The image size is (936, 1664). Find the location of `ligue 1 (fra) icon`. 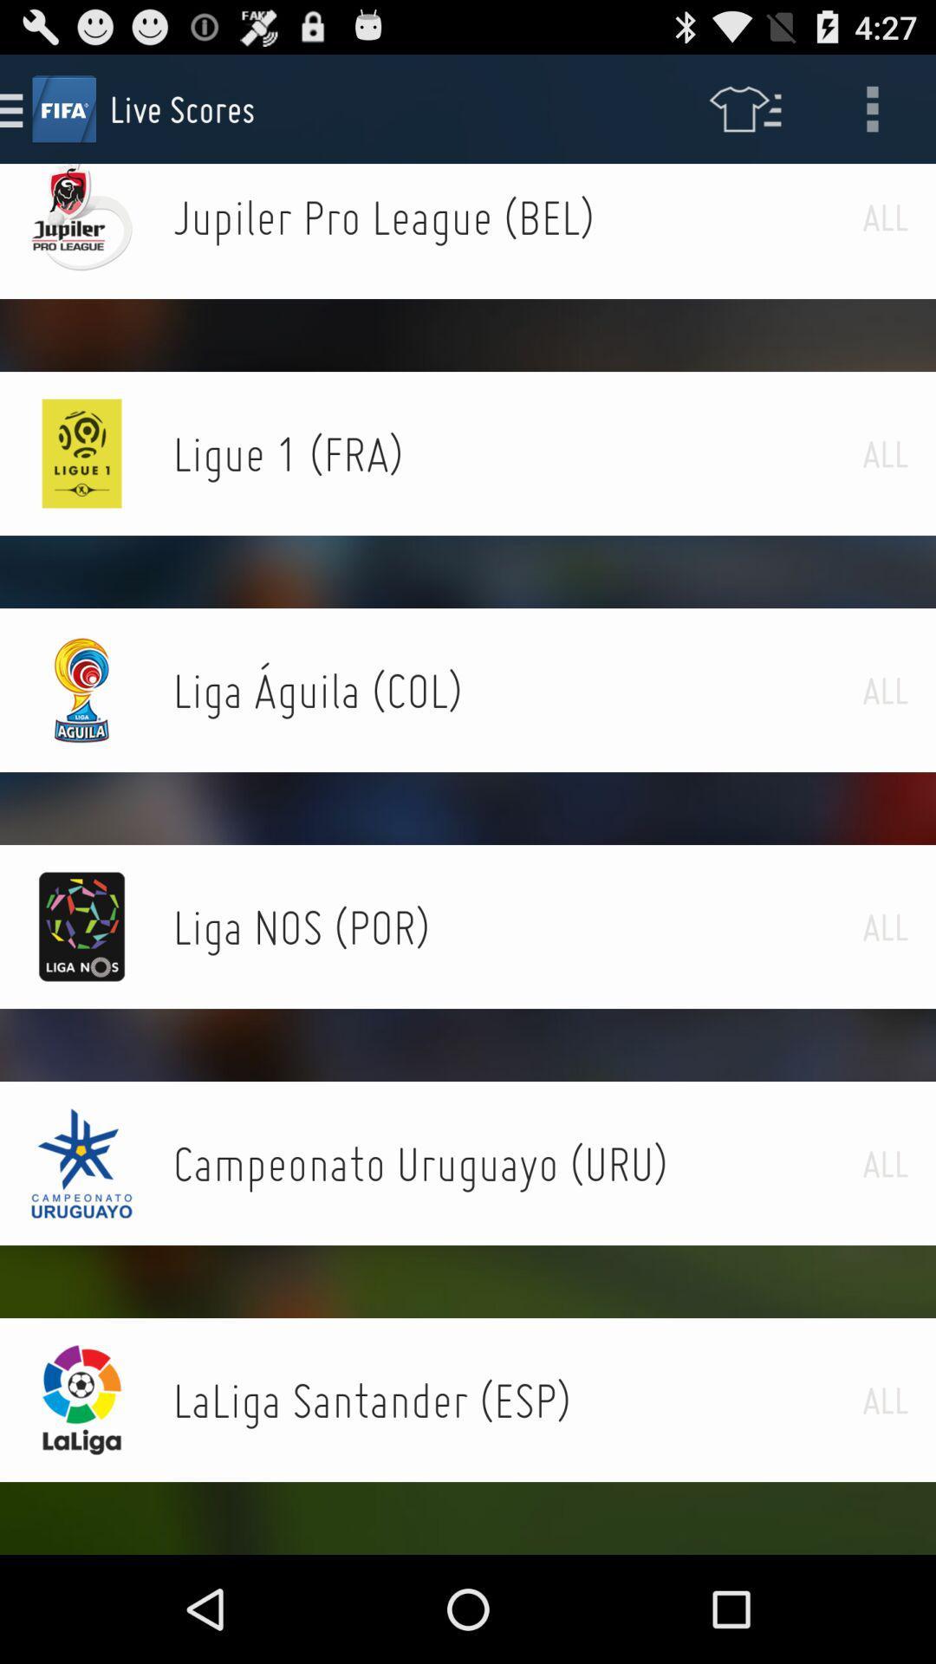

ligue 1 (fra) icon is located at coordinates (517, 453).